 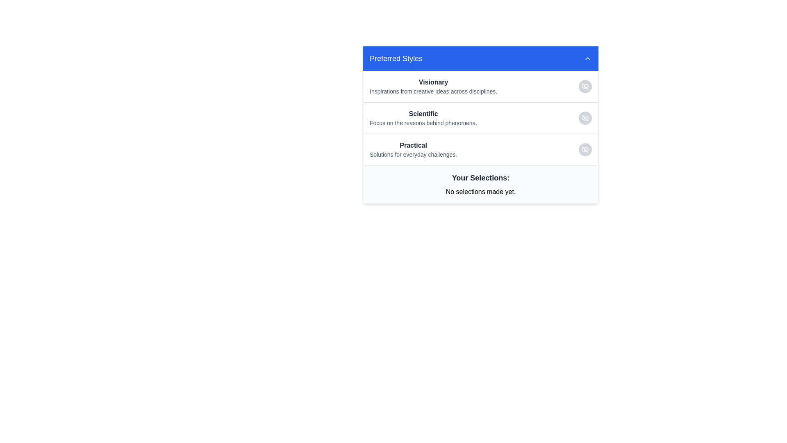 I want to click on the descriptive subtitle text for the 'Practical' category within the 'Preferred Styles' list, located in the third row, so click(x=413, y=155).